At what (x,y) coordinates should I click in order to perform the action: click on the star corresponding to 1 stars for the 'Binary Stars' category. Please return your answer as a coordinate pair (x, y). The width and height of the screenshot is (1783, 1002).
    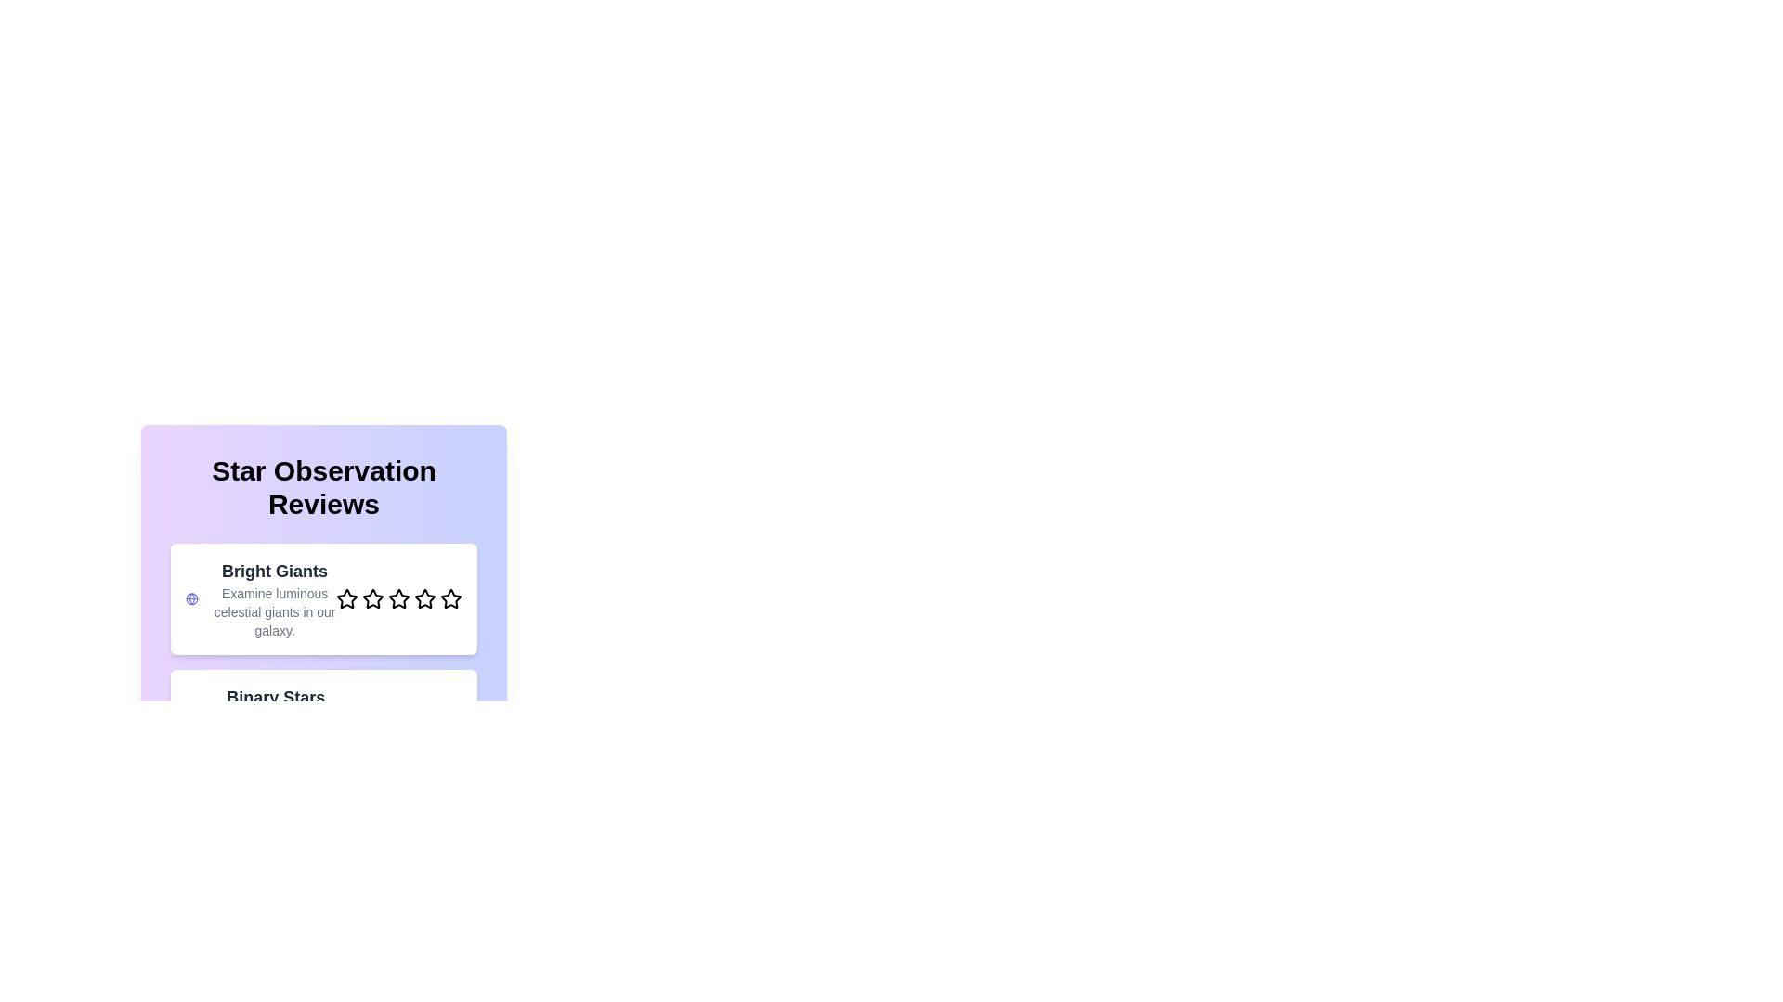
    Looking at the image, I should click on (347, 725).